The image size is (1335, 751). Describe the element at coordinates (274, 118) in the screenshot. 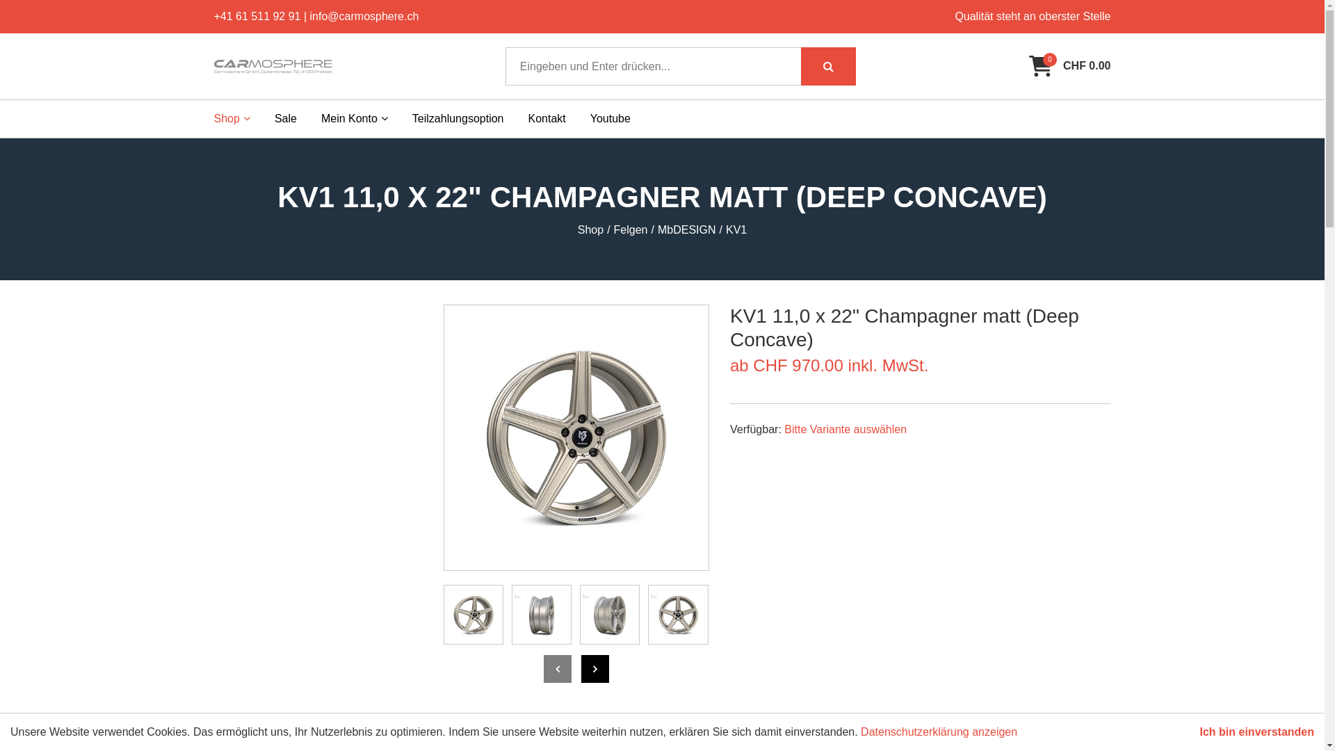

I see `'Sale'` at that location.